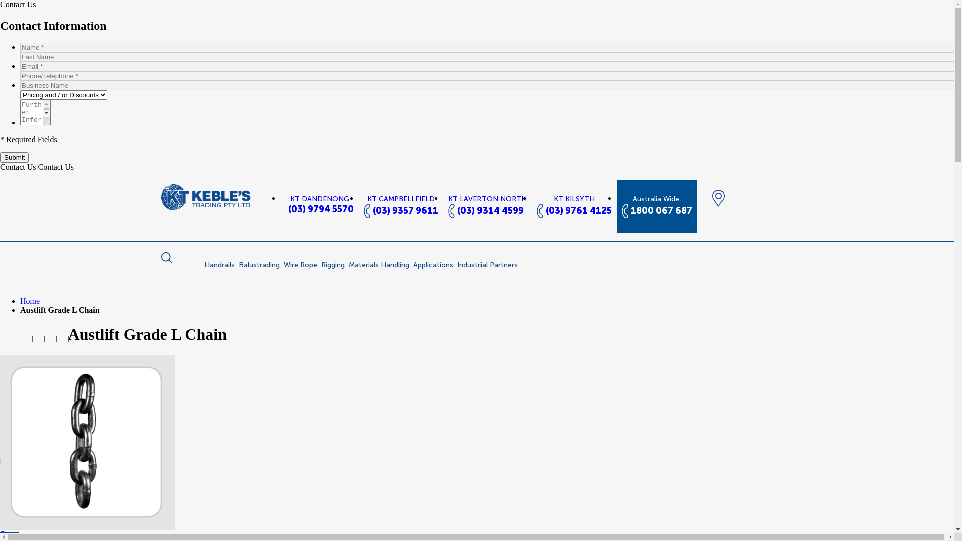 The image size is (962, 541). Describe the element at coordinates (332, 264) in the screenshot. I see `'Rigging'` at that location.